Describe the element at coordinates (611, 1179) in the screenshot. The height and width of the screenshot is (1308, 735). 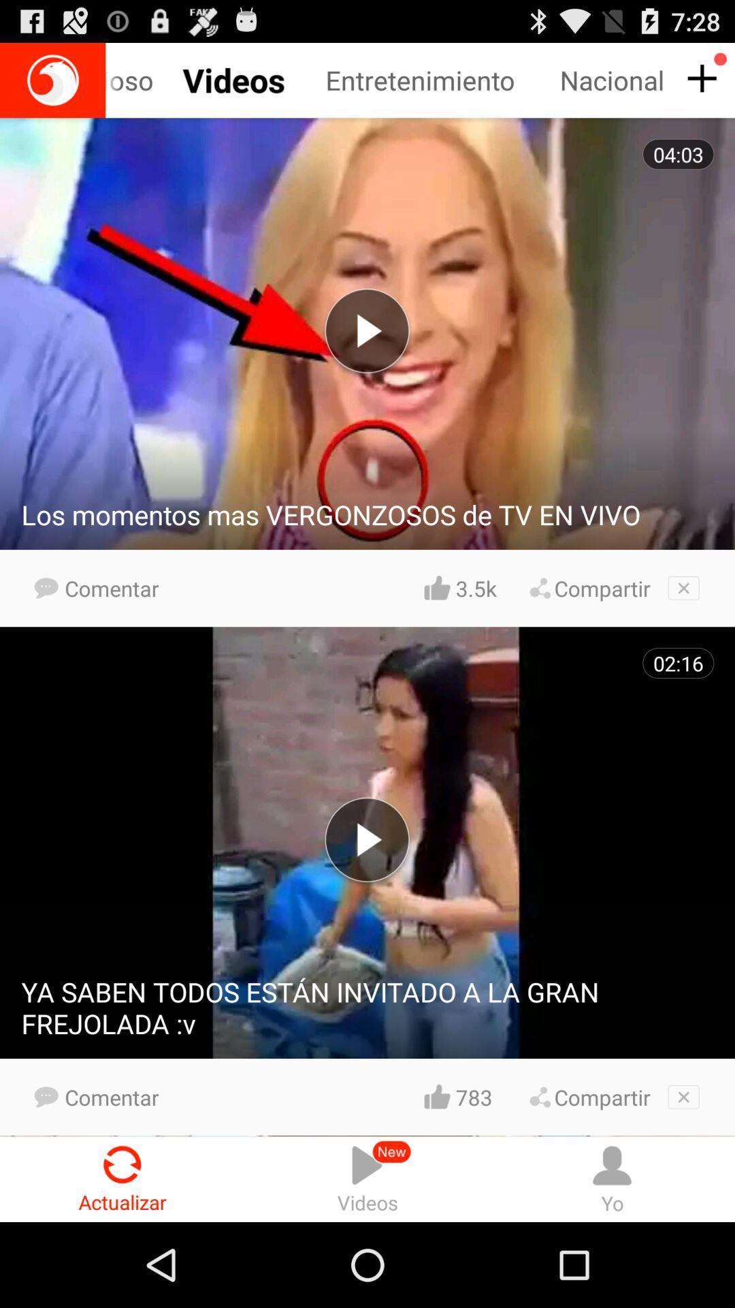
I see `the icon to the right of the videos radio button` at that location.